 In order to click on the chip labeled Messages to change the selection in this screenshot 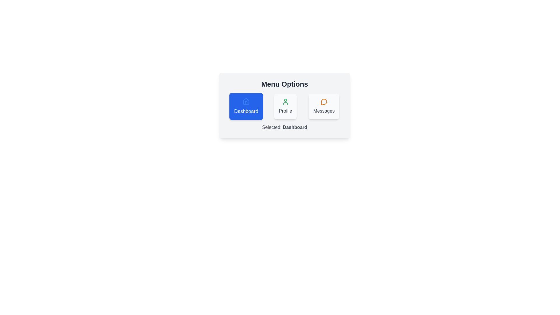, I will do `click(323, 106)`.